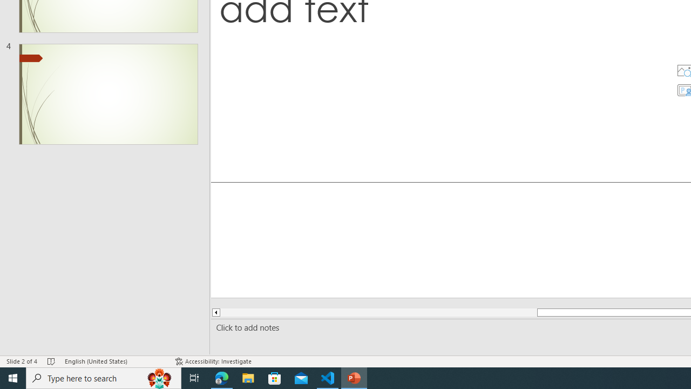 The image size is (691, 389). What do you see at coordinates (51, 361) in the screenshot?
I see `'Spell Check No Errors'` at bounding box center [51, 361].